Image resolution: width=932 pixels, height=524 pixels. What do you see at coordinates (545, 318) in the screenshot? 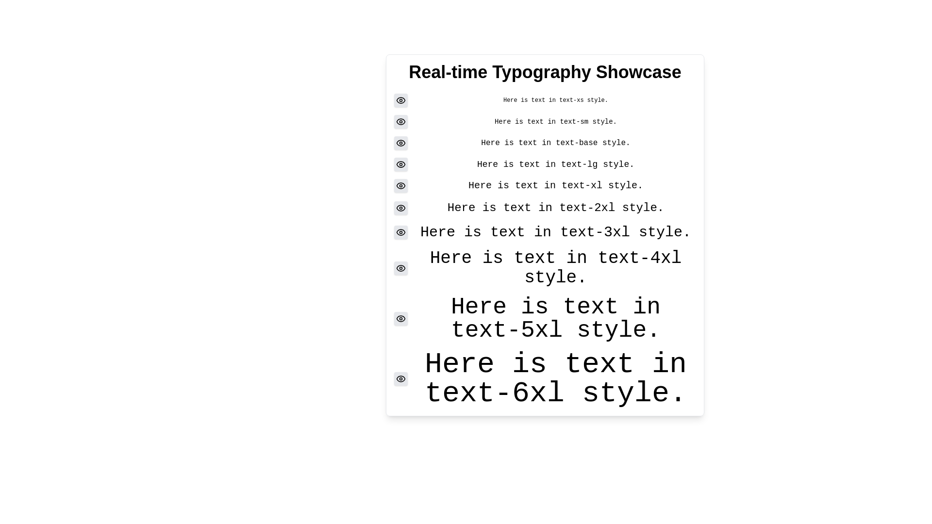
I see `text content displayed in the text label styled with 'text-5xl' located in the lower portion of the vertical stack, specifically the second-to-last entry before the 'text-6xl' entry` at bounding box center [545, 318].